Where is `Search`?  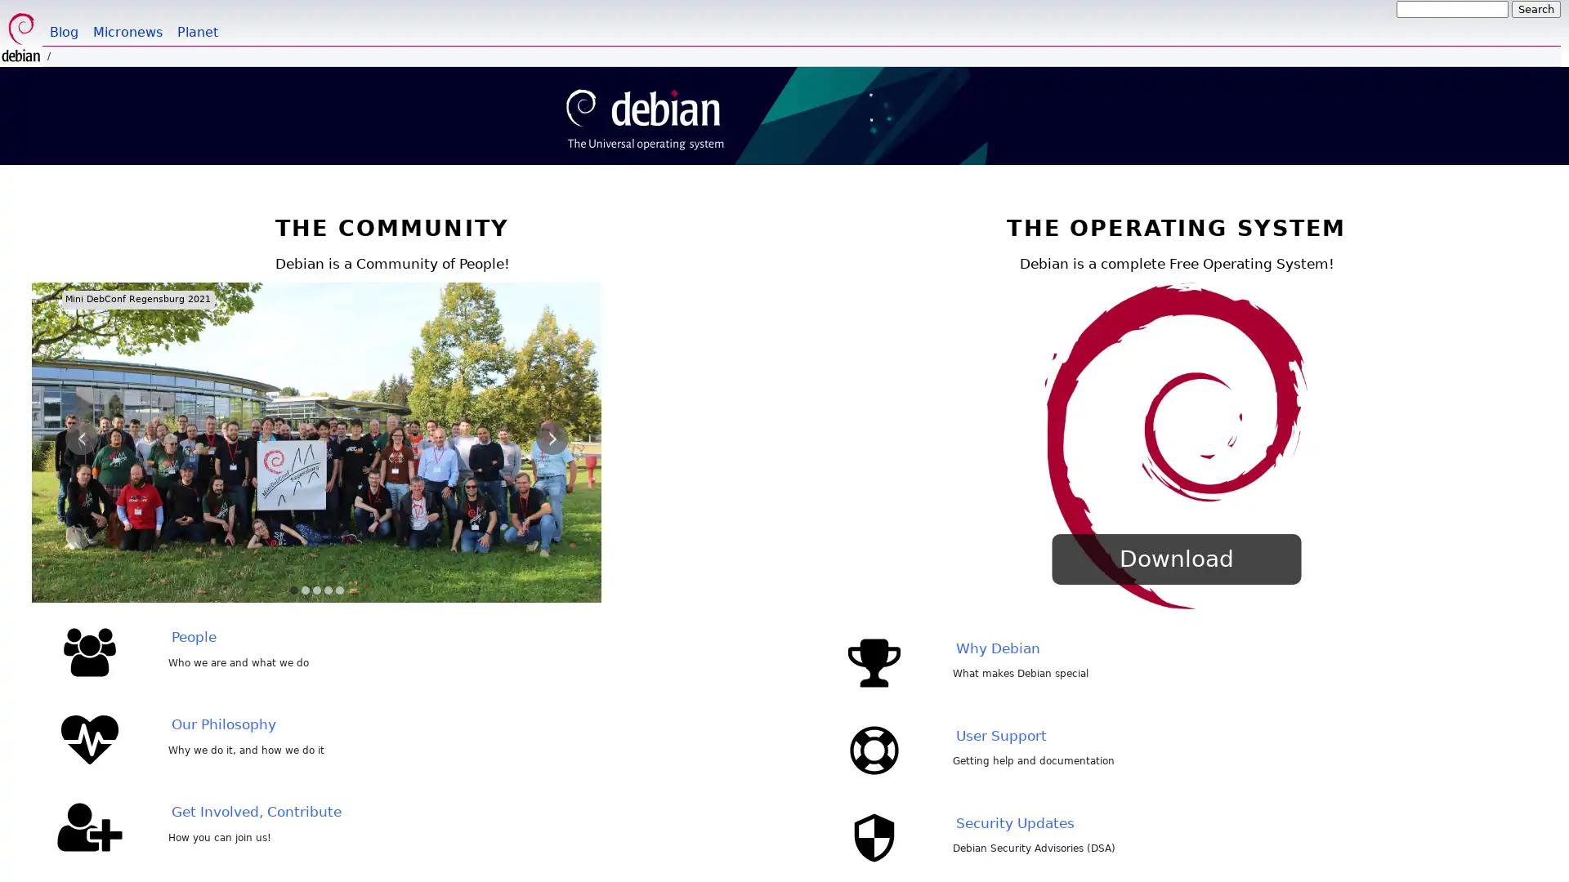
Search is located at coordinates (1535, 9).